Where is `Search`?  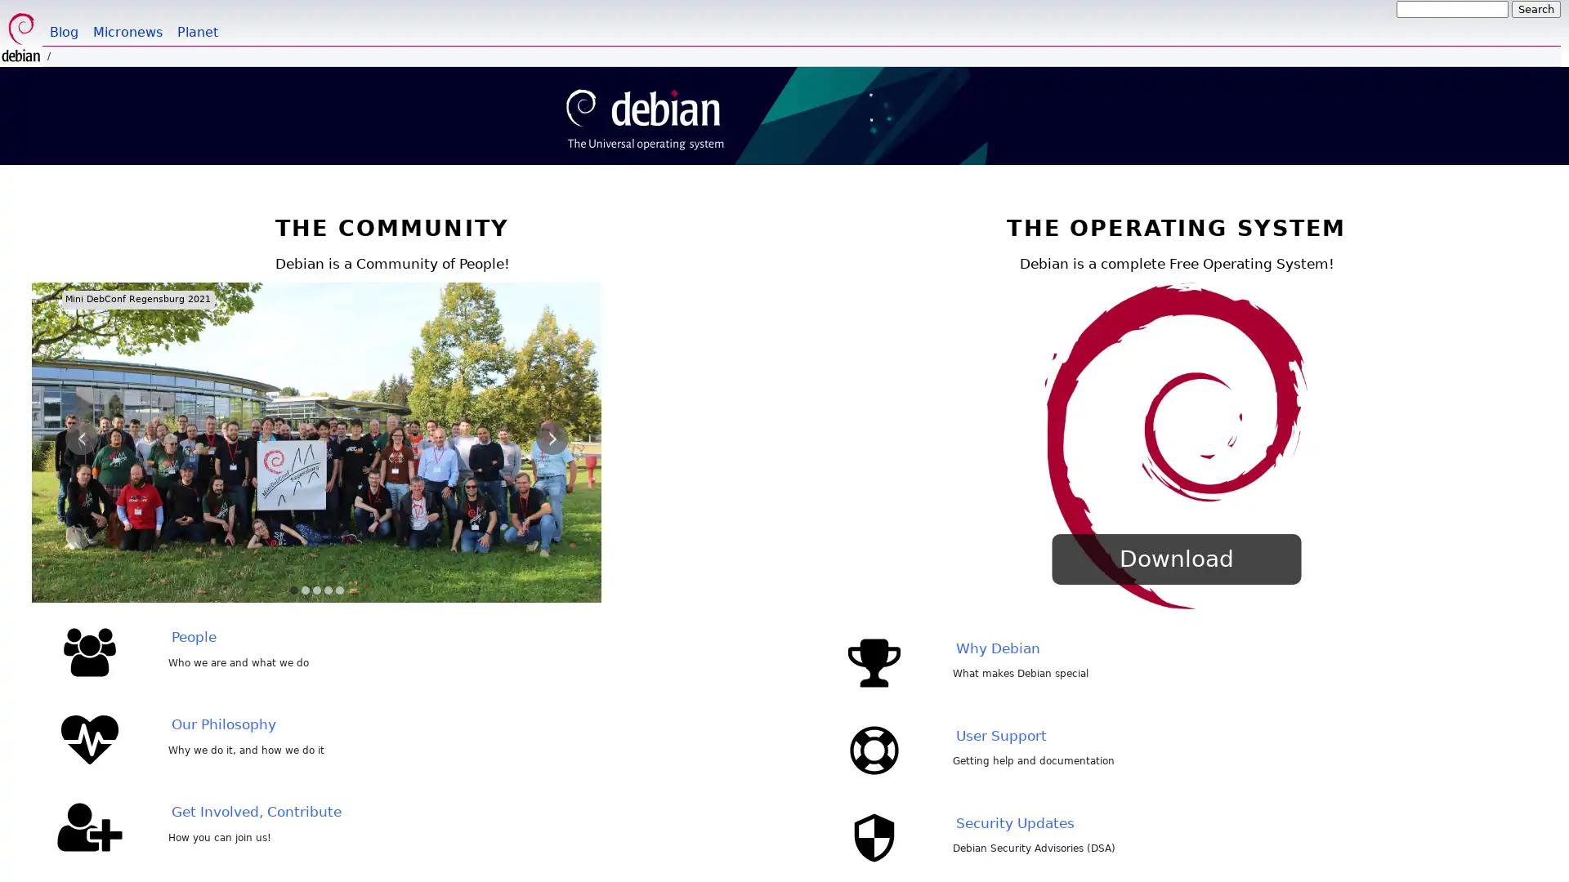
Search is located at coordinates (1535, 9).